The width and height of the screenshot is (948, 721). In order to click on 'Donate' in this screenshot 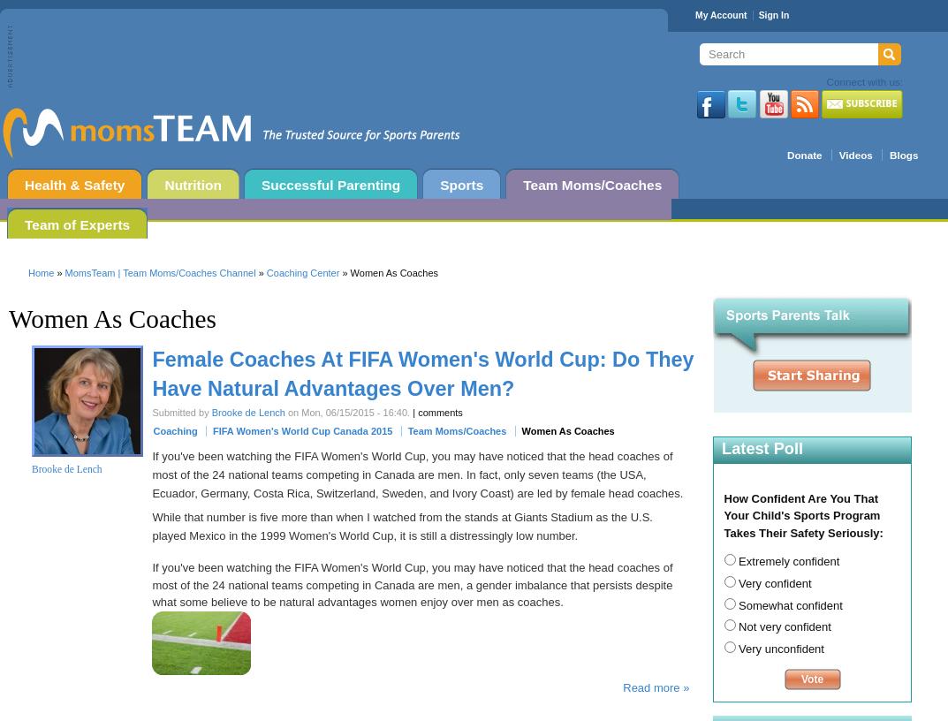, I will do `click(804, 155)`.